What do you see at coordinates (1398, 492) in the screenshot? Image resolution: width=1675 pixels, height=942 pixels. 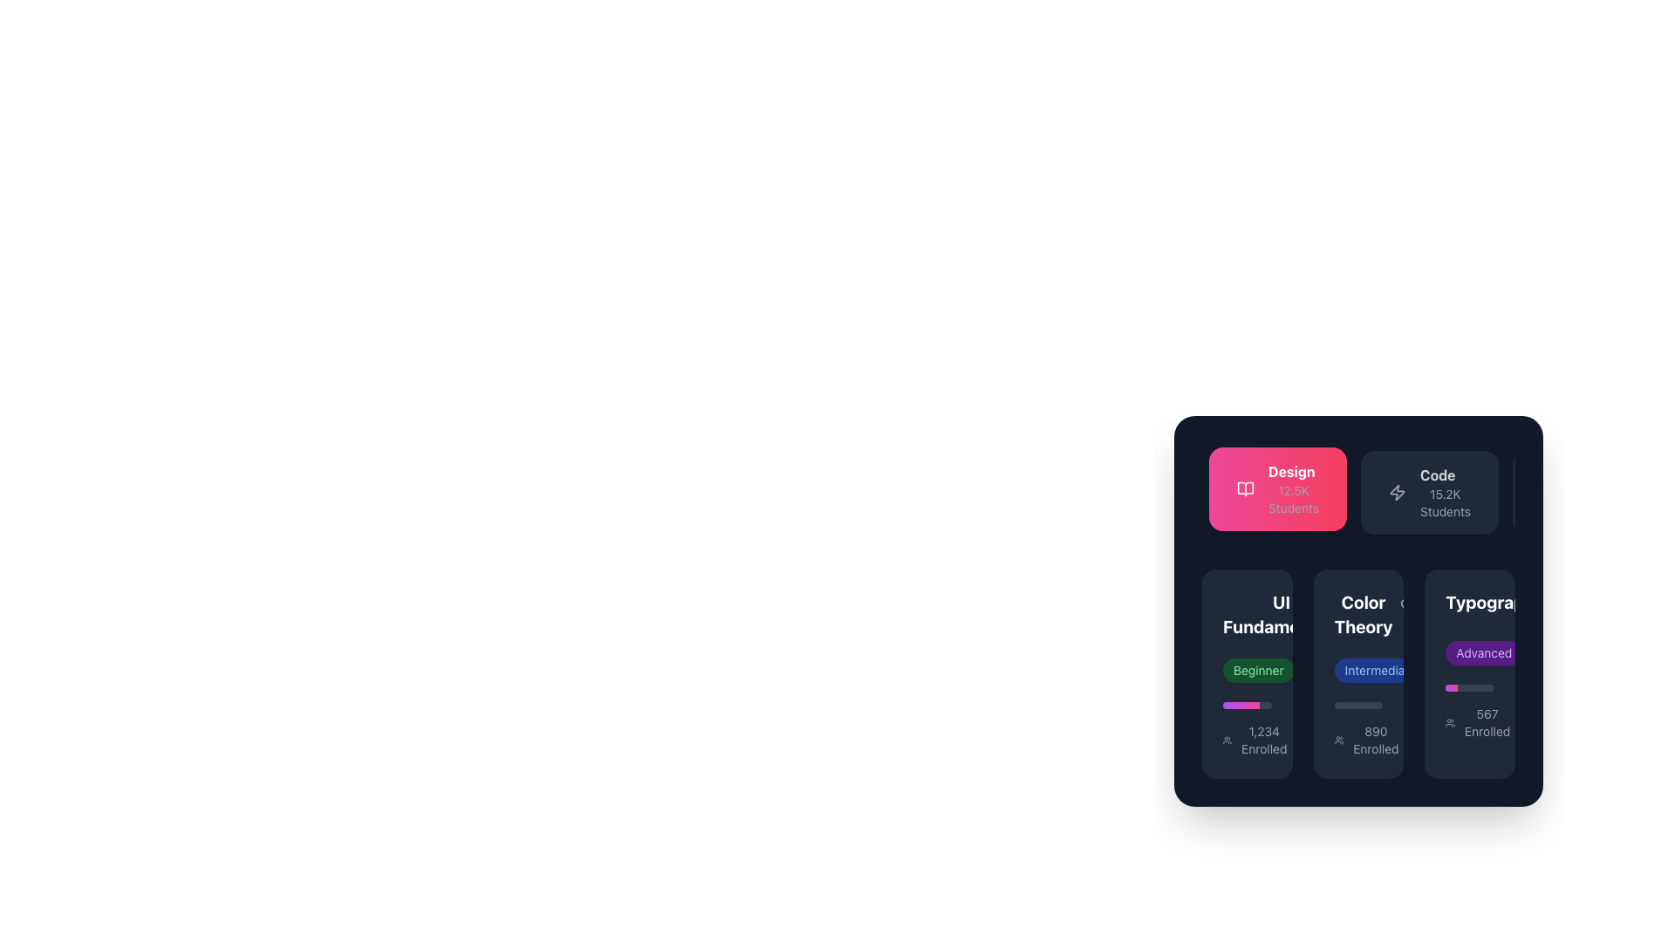 I see `the lightning bolt icon located in the top-right corner of the 'Code 15.2K Students' course card` at bounding box center [1398, 492].